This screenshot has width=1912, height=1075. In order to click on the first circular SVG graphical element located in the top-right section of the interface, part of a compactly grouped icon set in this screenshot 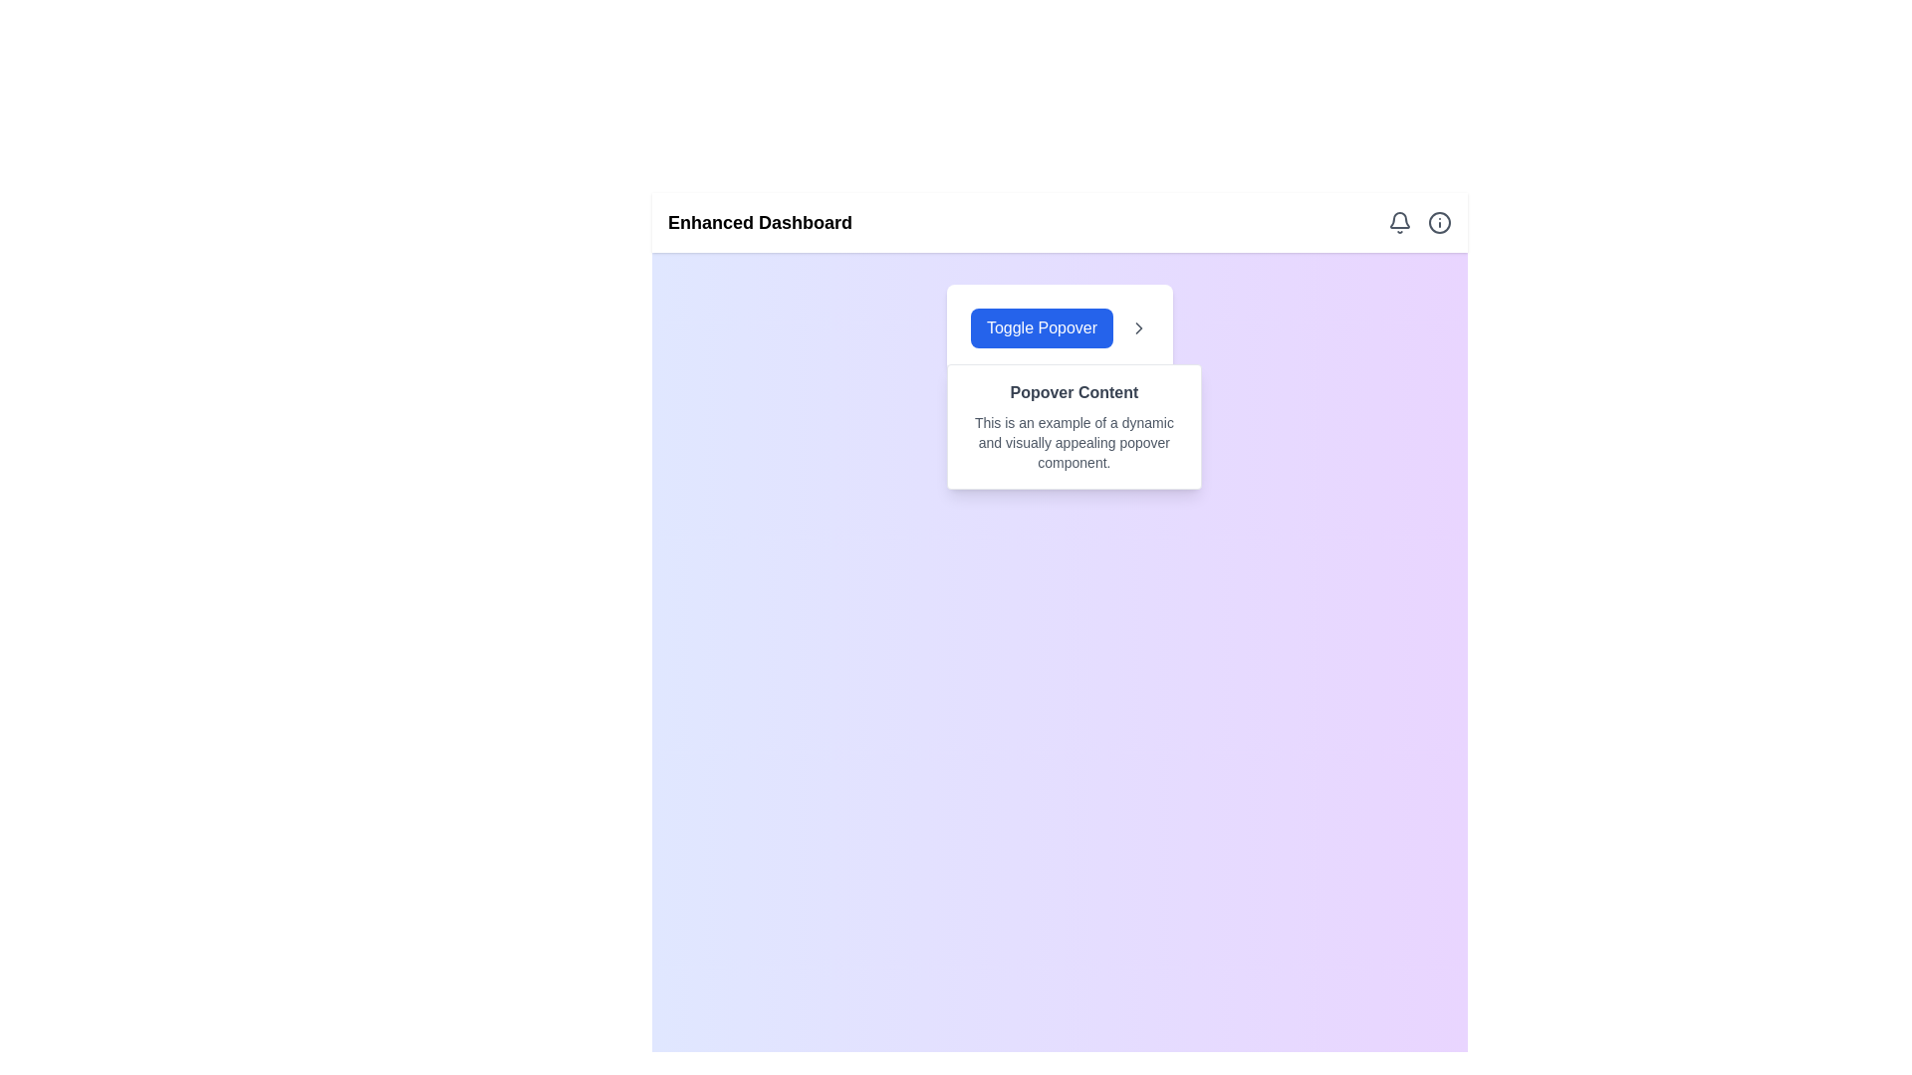, I will do `click(1439, 222)`.